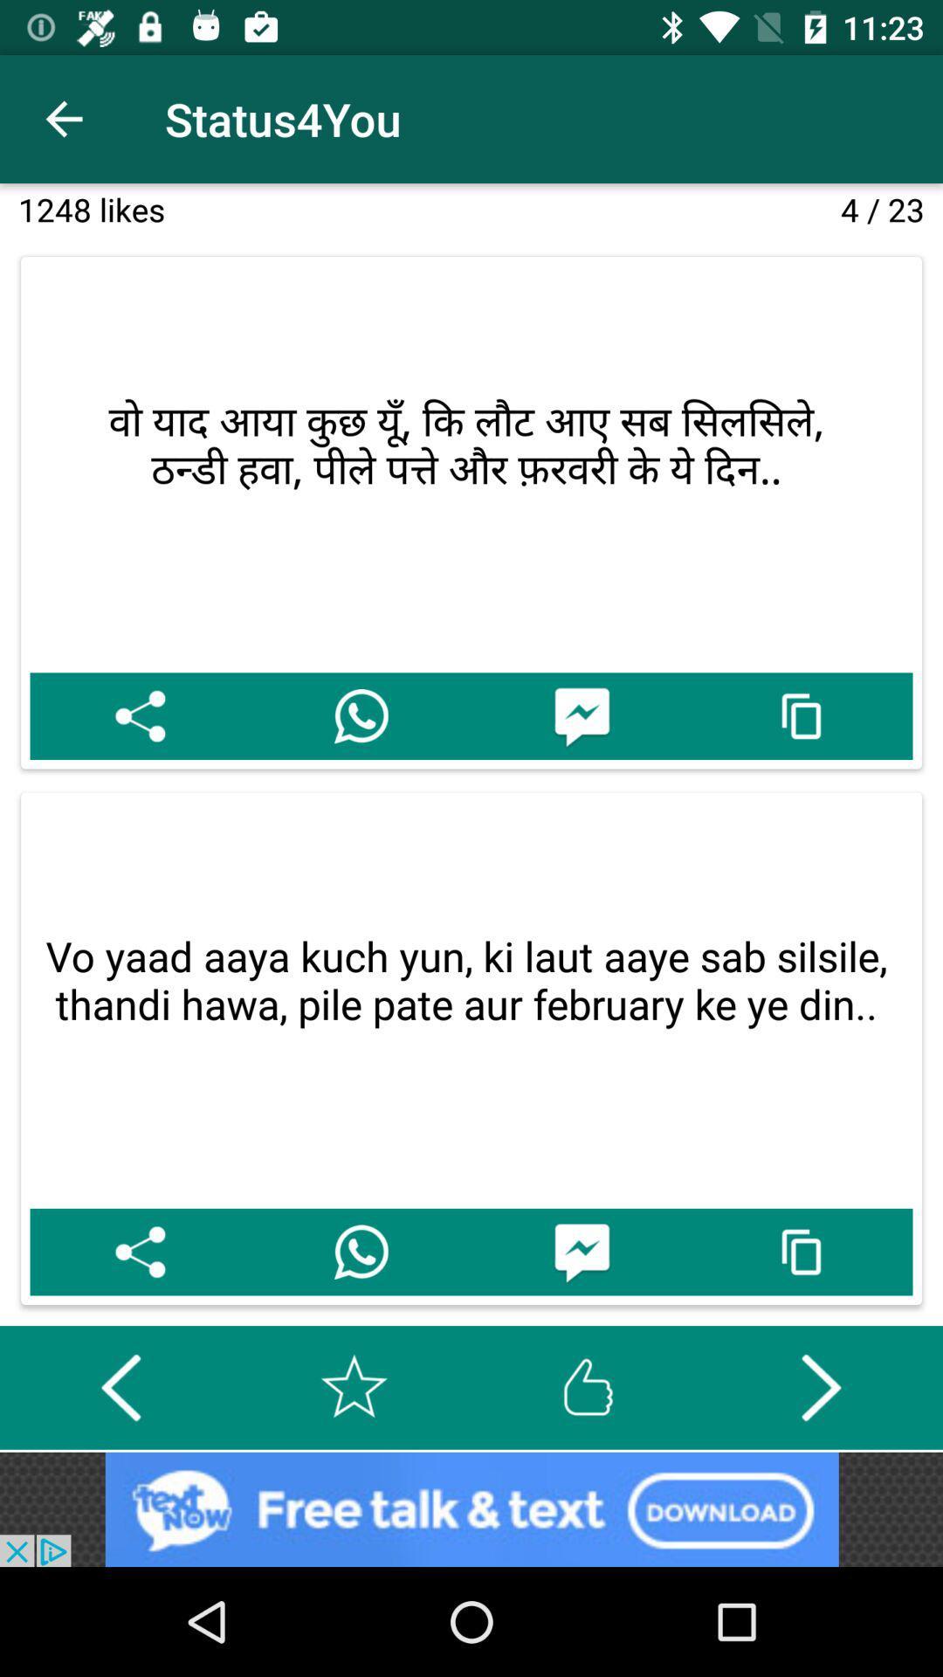 The image size is (943, 1677). Describe the element at coordinates (588, 1386) in the screenshot. I see `like page` at that location.